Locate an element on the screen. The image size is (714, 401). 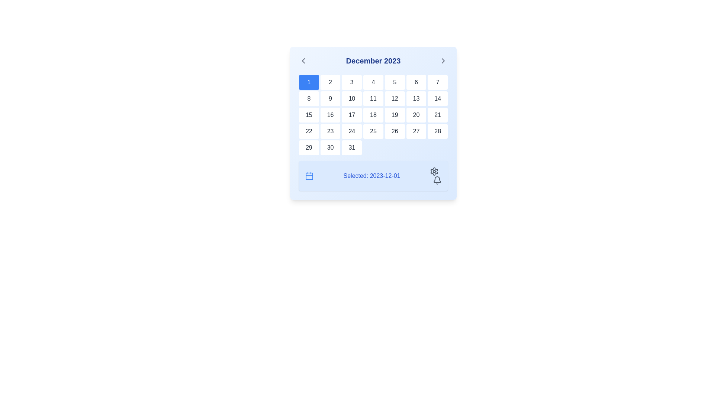
keyboard navigation is located at coordinates (416, 82).